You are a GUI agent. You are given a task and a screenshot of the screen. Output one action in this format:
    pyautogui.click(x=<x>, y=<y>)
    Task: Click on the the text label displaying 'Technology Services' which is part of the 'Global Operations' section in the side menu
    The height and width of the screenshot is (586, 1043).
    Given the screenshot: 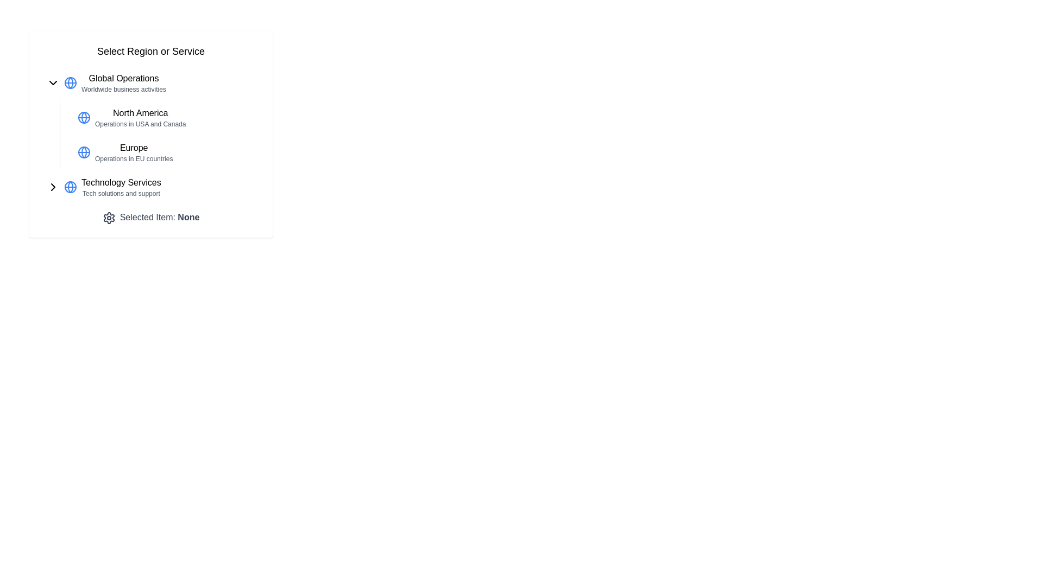 What is the action you would take?
    pyautogui.click(x=121, y=182)
    